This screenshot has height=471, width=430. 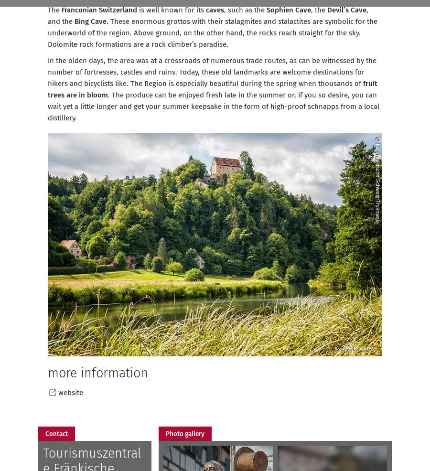 What do you see at coordinates (212, 32) in the screenshot?
I see `'. These enormous grottos with their stalagmites and stalactites are symbolic for the underworld of the region. Above ground, on the other hand, the rocks reach straight for the sky. Dolomite rock formations are a rock climber’s paradise.'` at bounding box center [212, 32].